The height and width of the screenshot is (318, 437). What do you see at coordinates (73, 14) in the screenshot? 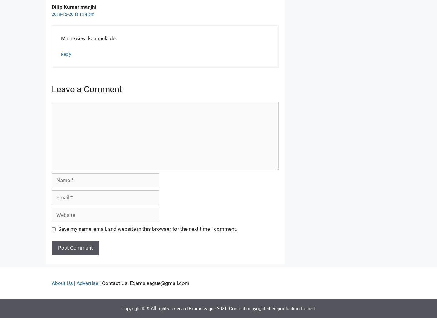
I see `'2018-12-20 at 1:14 pm'` at bounding box center [73, 14].